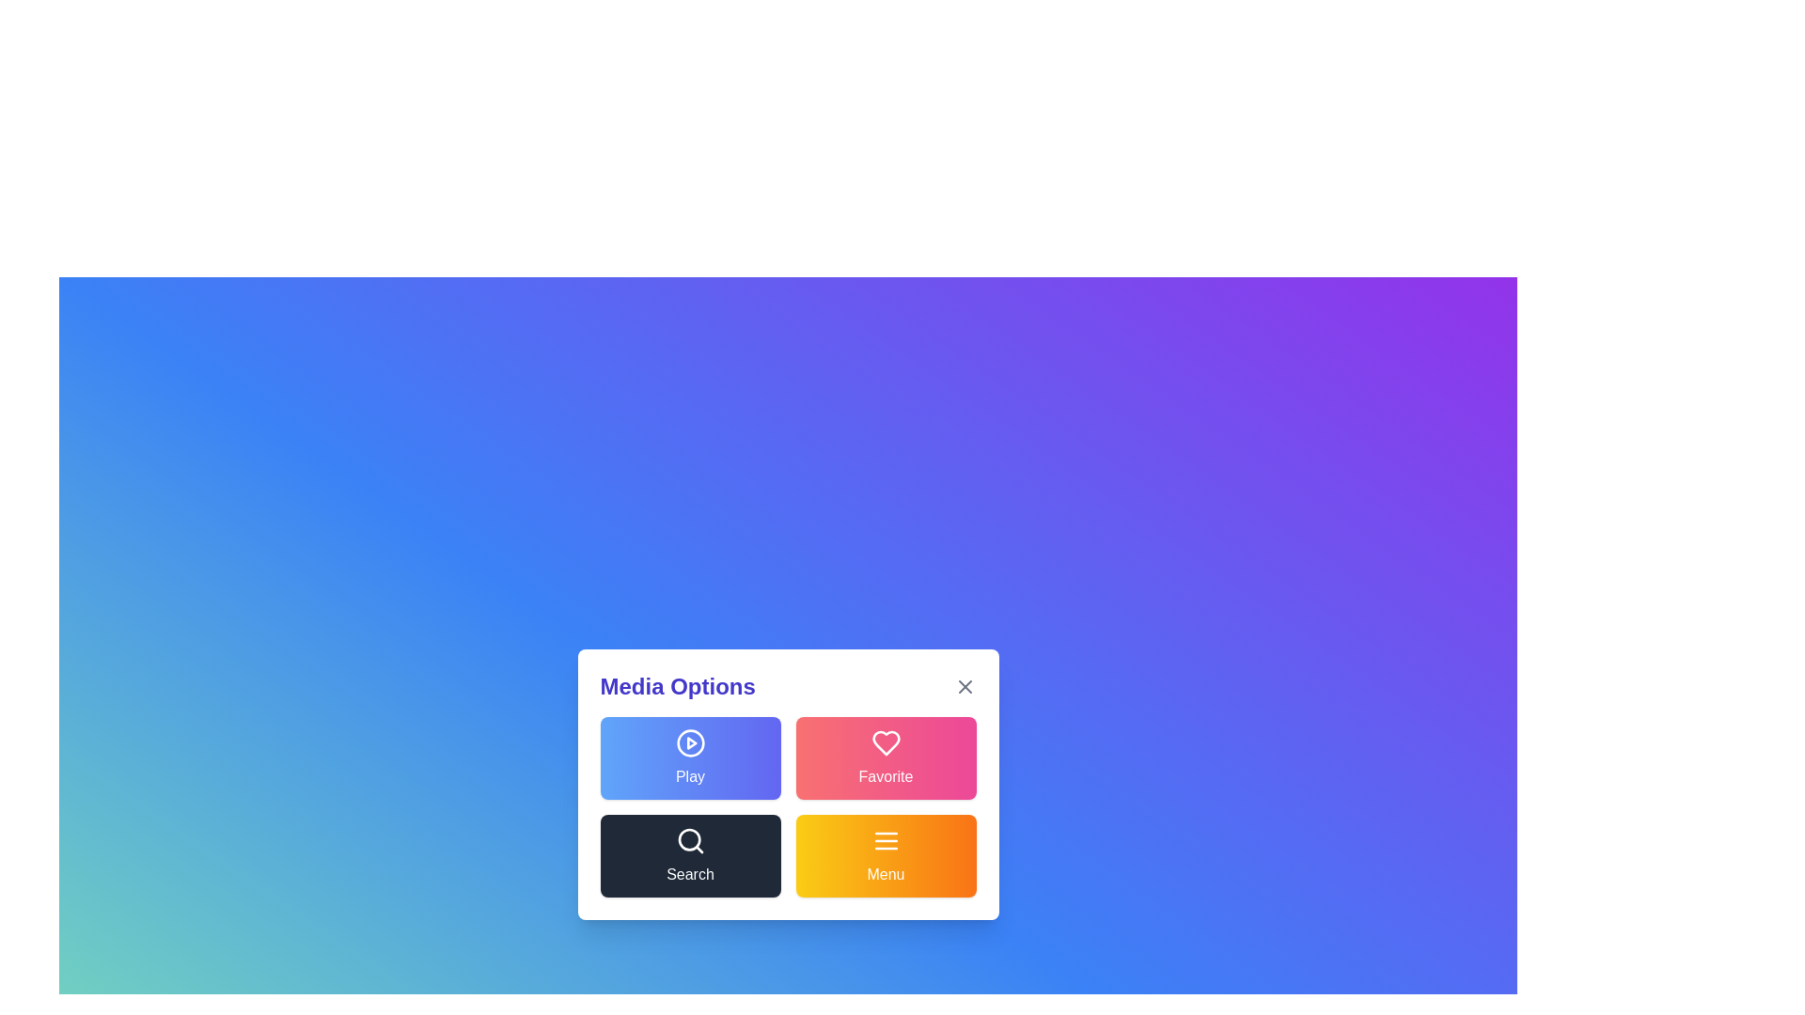  Describe the element at coordinates (689, 874) in the screenshot. I see `the 'Search' button text label inside the 'Media Options' modal, which indicates its functionality to perform a search operation` at that location.